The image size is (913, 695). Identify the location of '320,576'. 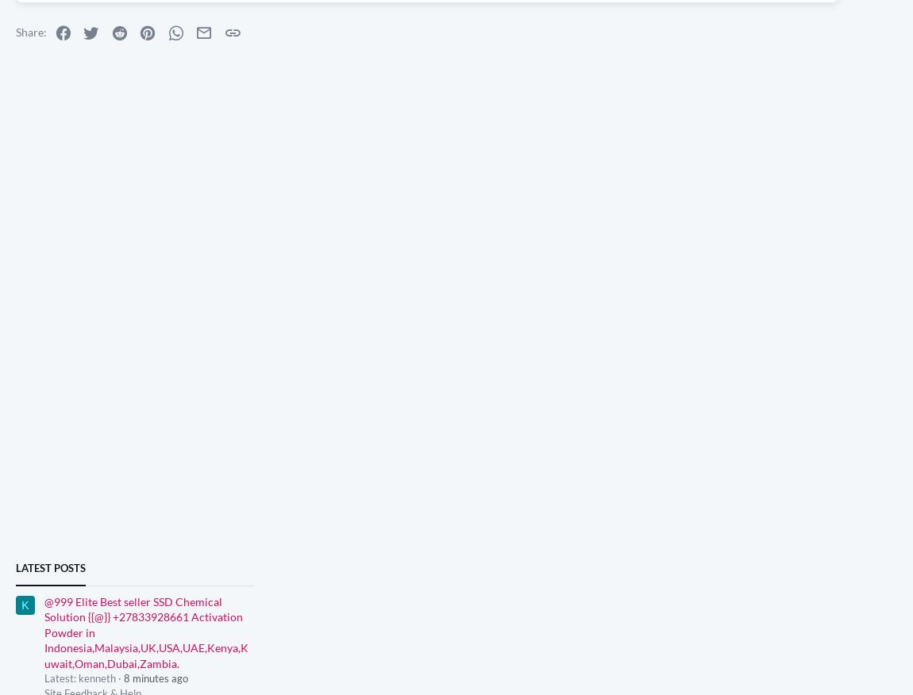
(876, 305).